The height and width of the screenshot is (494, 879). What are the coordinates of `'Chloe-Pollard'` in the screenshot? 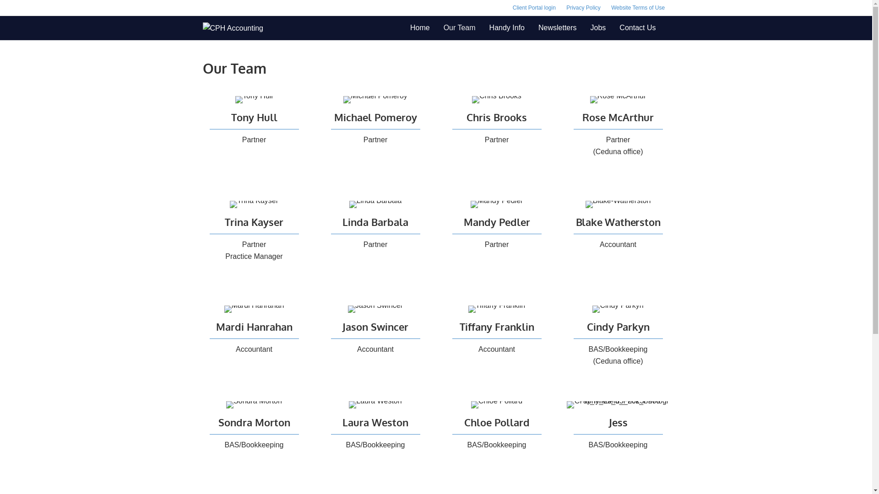 It's located at (496, 404).